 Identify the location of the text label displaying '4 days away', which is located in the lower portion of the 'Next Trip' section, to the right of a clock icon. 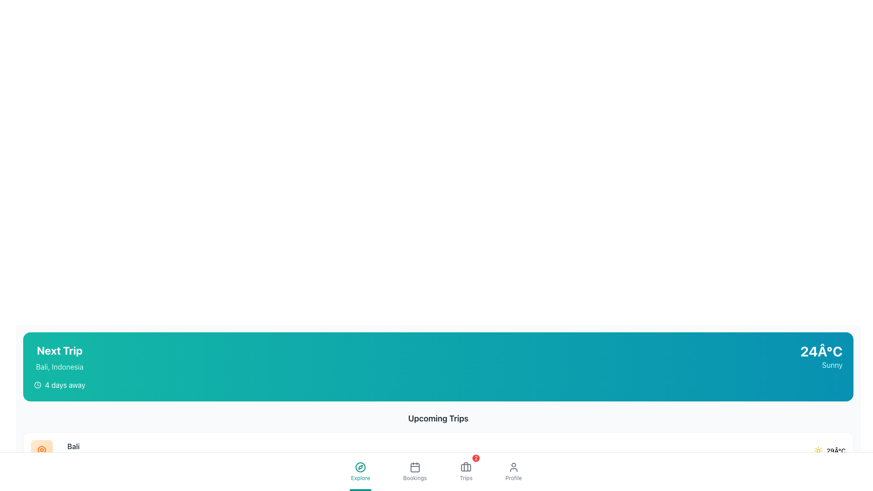
(65, 385).